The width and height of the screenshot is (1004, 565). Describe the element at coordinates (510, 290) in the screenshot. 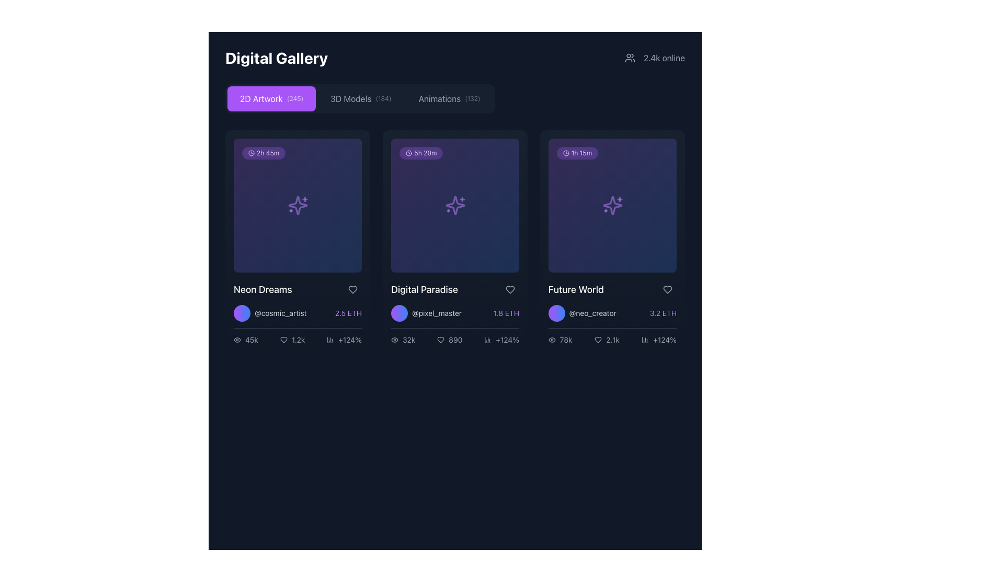

I see `the heart-shaped icon located in the bottom-right corner of the 'Digital Paradise' card to like the item` at that location.